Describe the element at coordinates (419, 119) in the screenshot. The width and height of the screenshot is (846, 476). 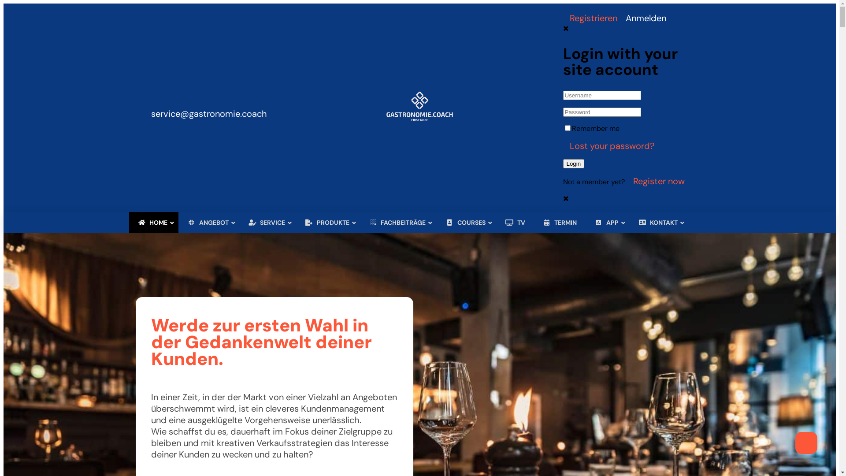
I see `'Gastronomie.coachII-logo weiss'` at that location.